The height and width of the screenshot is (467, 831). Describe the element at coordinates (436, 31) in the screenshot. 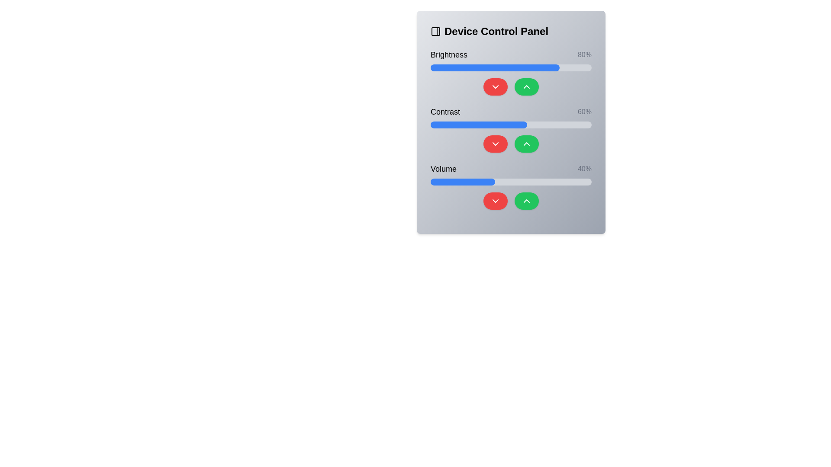

I see `the small rectangular SVG decorative icon component located to the left of the 'Device Control Panel' title` at that location.